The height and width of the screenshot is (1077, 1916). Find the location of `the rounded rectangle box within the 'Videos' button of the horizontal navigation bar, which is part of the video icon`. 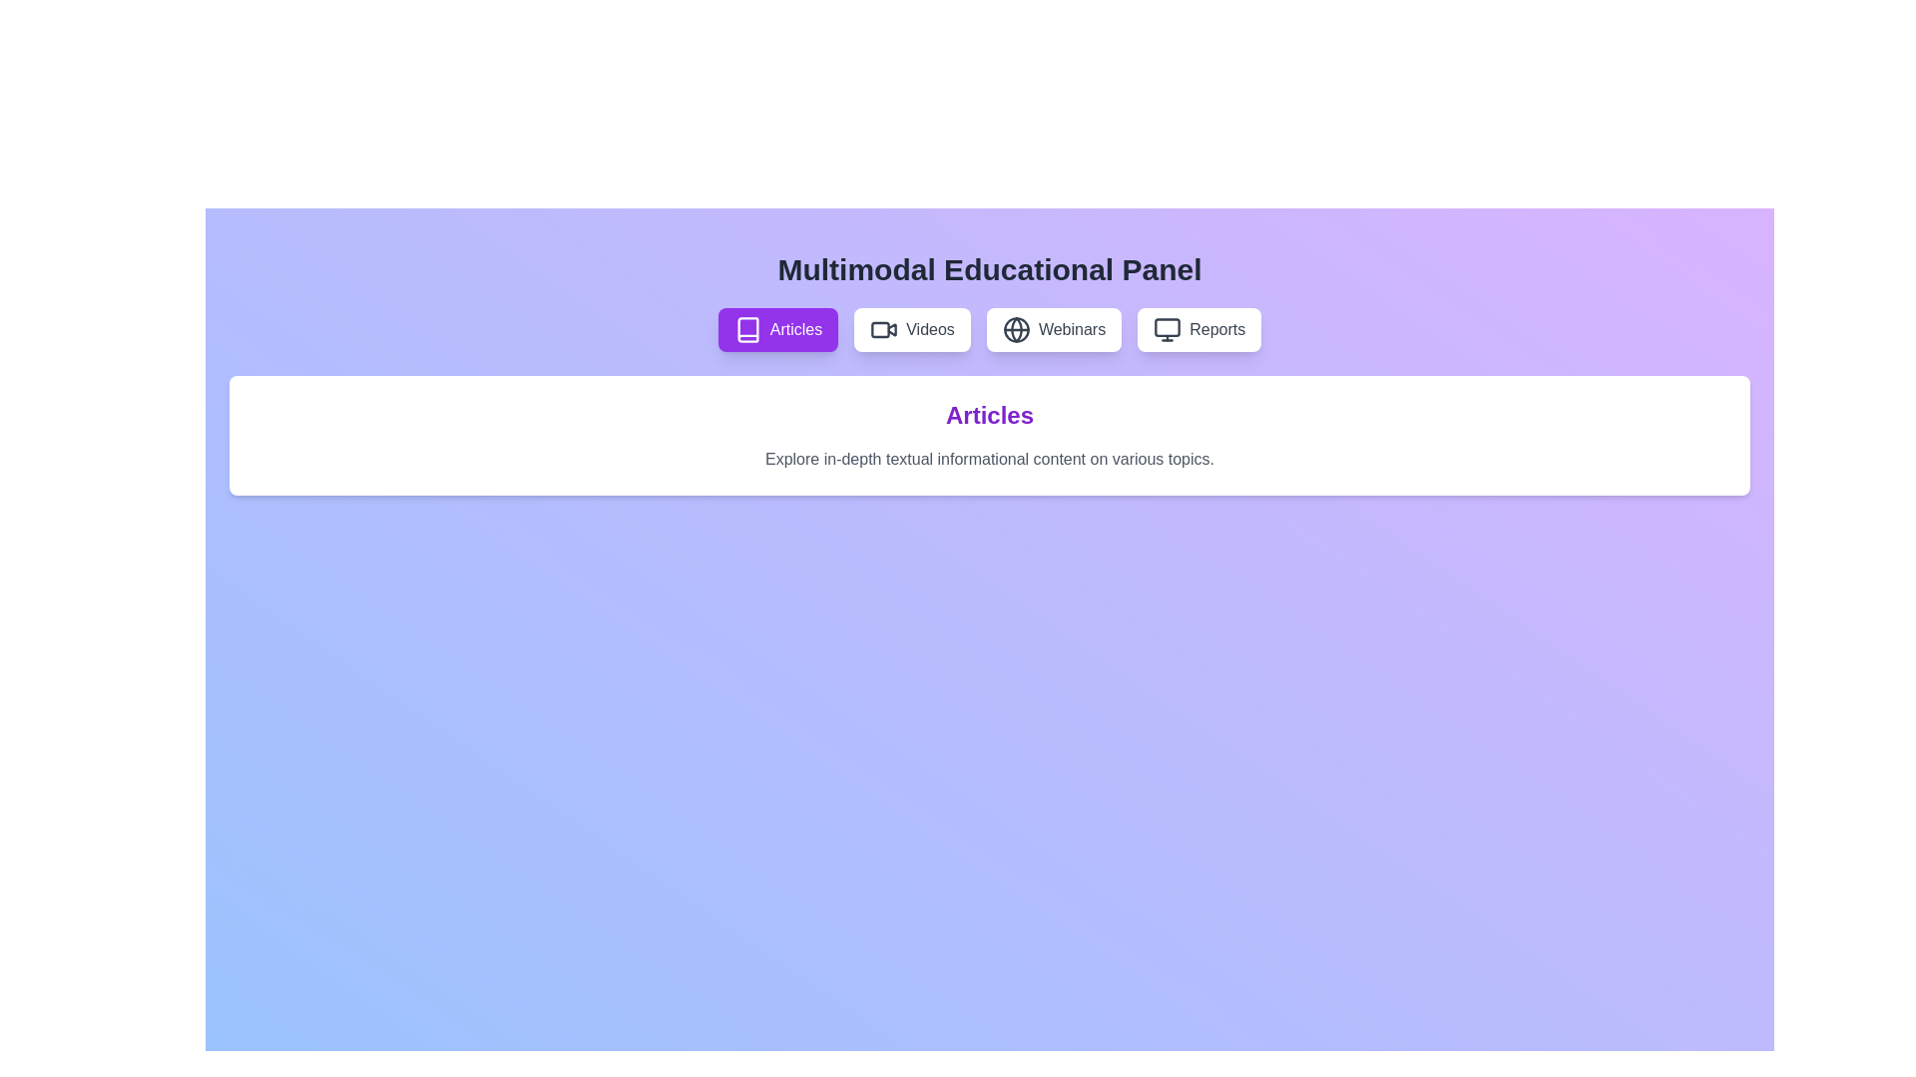

the rounded rectangle box within the 'Videos' button of the horizontal navigation bar, which is part of the video icon is located at coordinates (879, 329).